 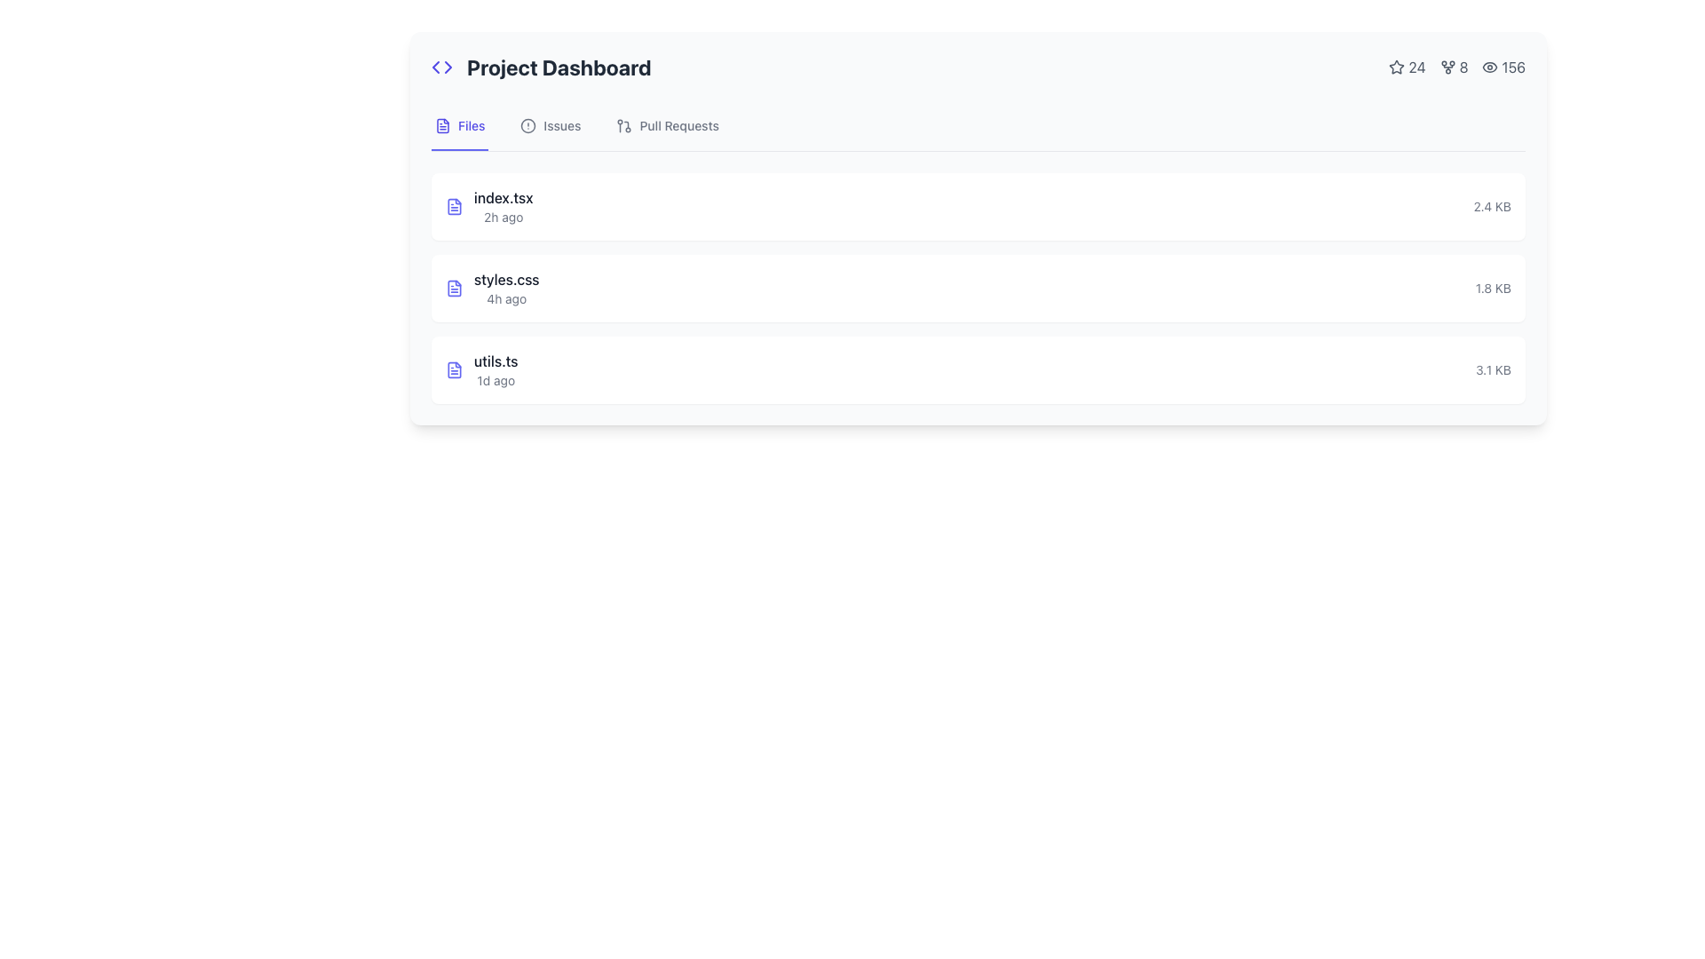 I want to click on the alert or warning indicator icon located to the left of the 'Issues' text in the 'Issues' tab of the navigation bar, so click(x=527, y=125).